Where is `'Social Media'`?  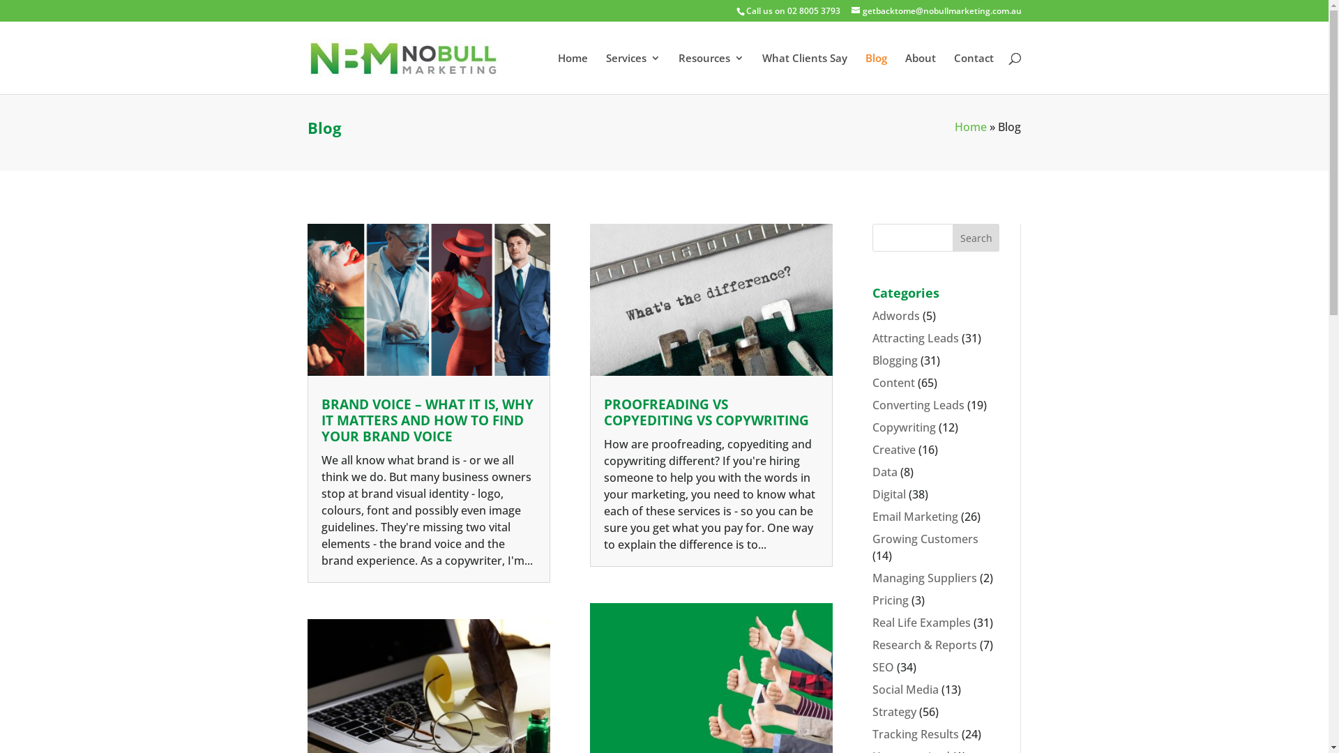
'Social Media' is located at coordinates (872, 688).